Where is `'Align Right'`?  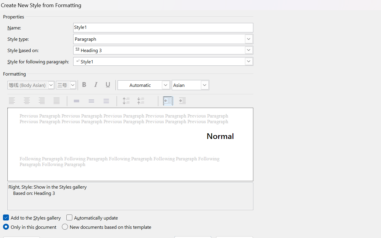
'Align Right' is located at coordinates (42, 101).